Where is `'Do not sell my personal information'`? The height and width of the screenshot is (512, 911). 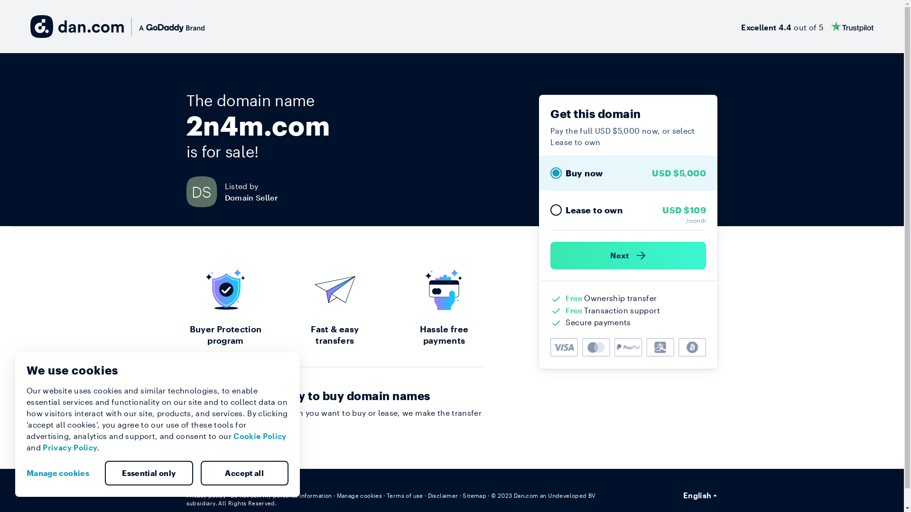
'Do not sell my personal information' is located at coordinates (281, 495).